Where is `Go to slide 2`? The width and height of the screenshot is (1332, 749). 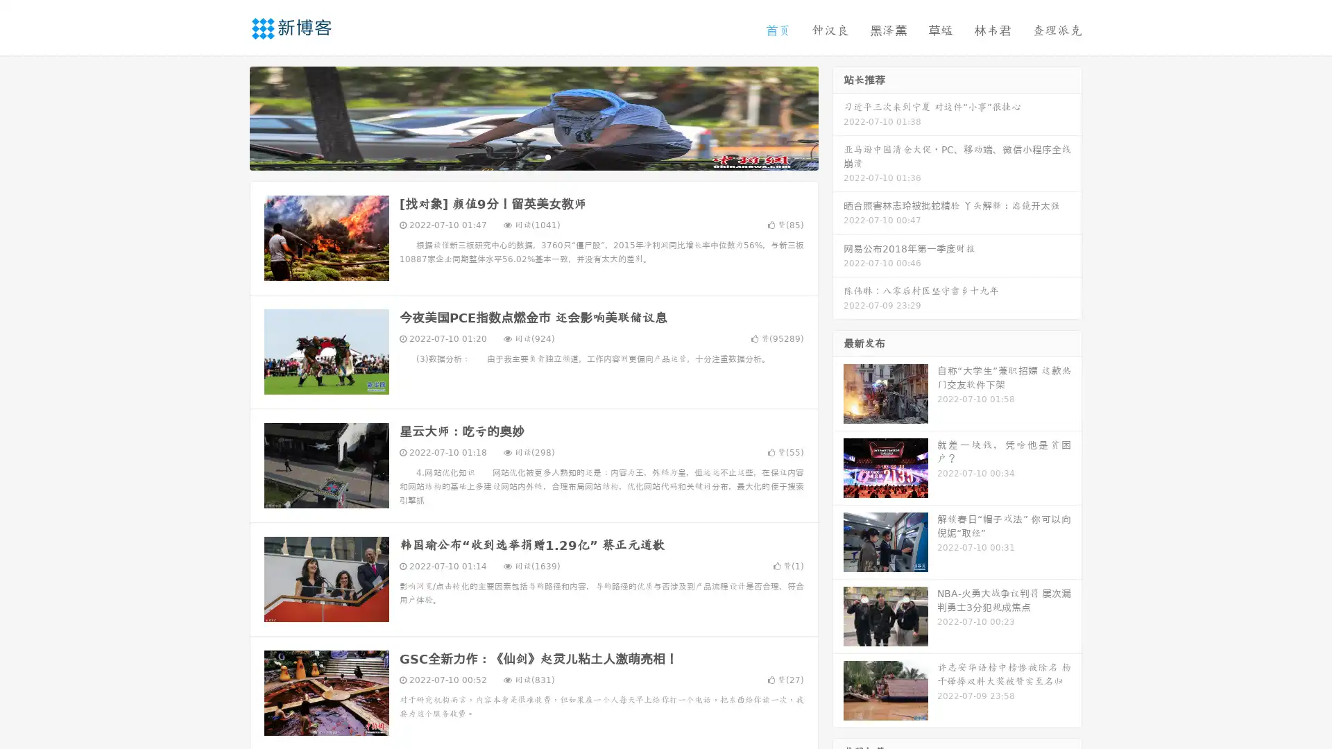 Go to slide 2 is located at coordinates (533, 156).